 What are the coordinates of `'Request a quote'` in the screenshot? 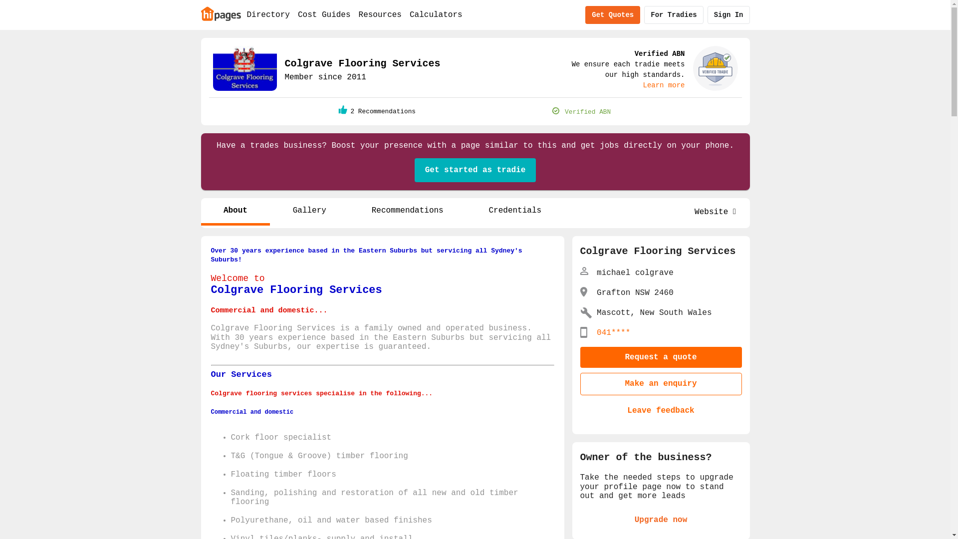 It's located at (661, 357).